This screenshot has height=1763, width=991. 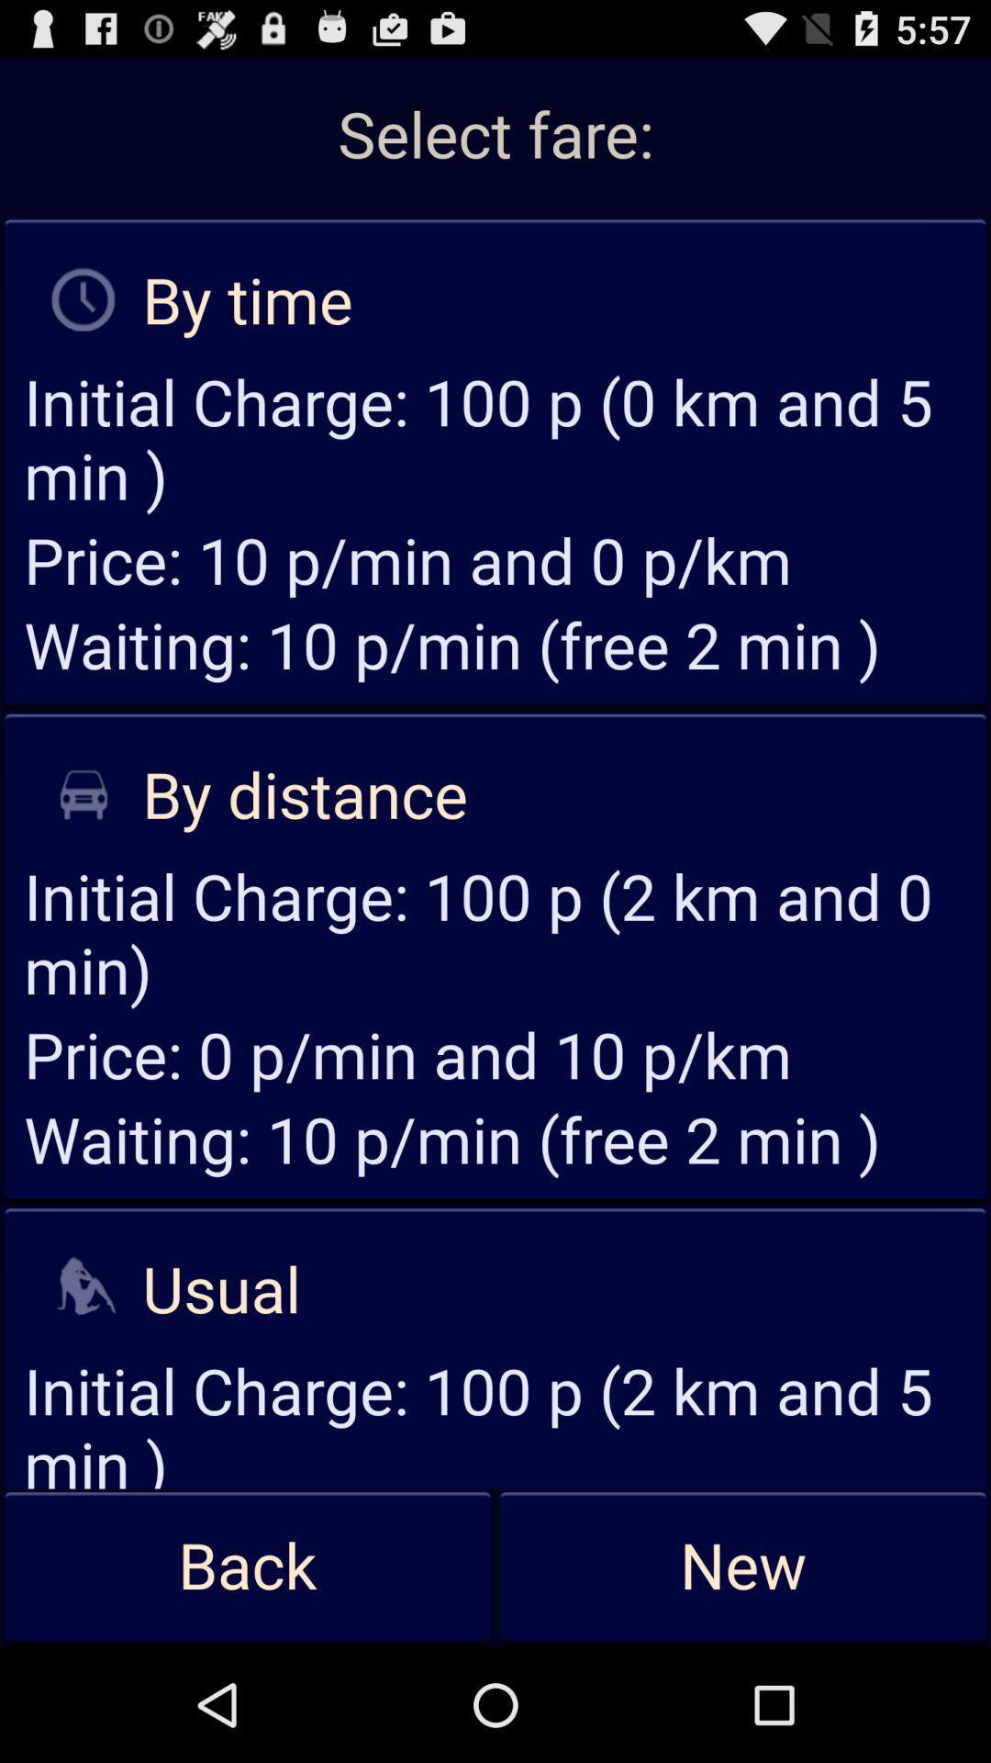 What do you see at coordinates (743, 1566) in the screenshot?
I see `new item` at bounding box center [743, 1566].